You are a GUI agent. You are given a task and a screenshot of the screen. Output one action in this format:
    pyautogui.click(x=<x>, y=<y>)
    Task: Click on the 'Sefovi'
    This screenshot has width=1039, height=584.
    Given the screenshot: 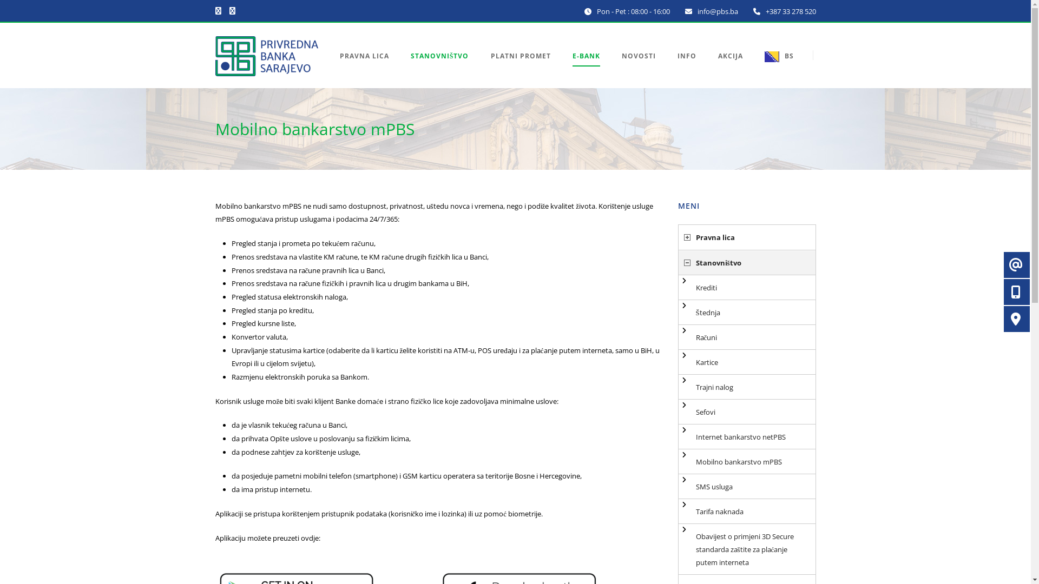 What is the action you would take?
    pyautogui.click(x=746, y=412)
    